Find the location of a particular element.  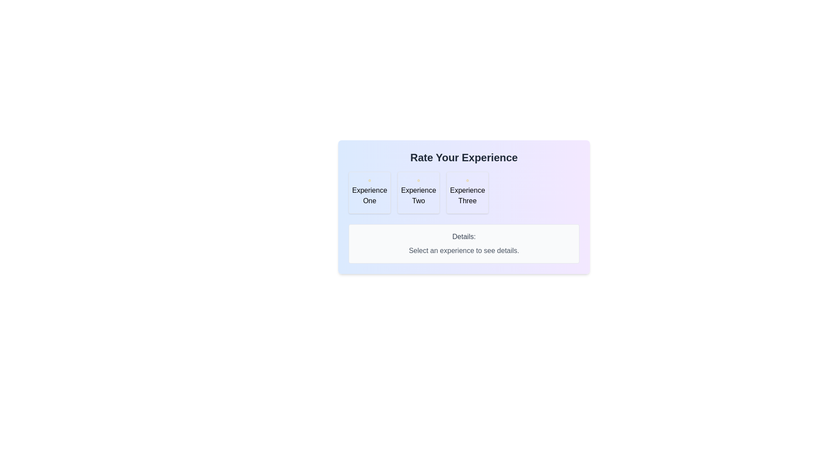

the rightmost button labeled 'Experience Three' located below the title 'Rate Your Experience' to observe its hover effects is located at coordinates (463, 207).